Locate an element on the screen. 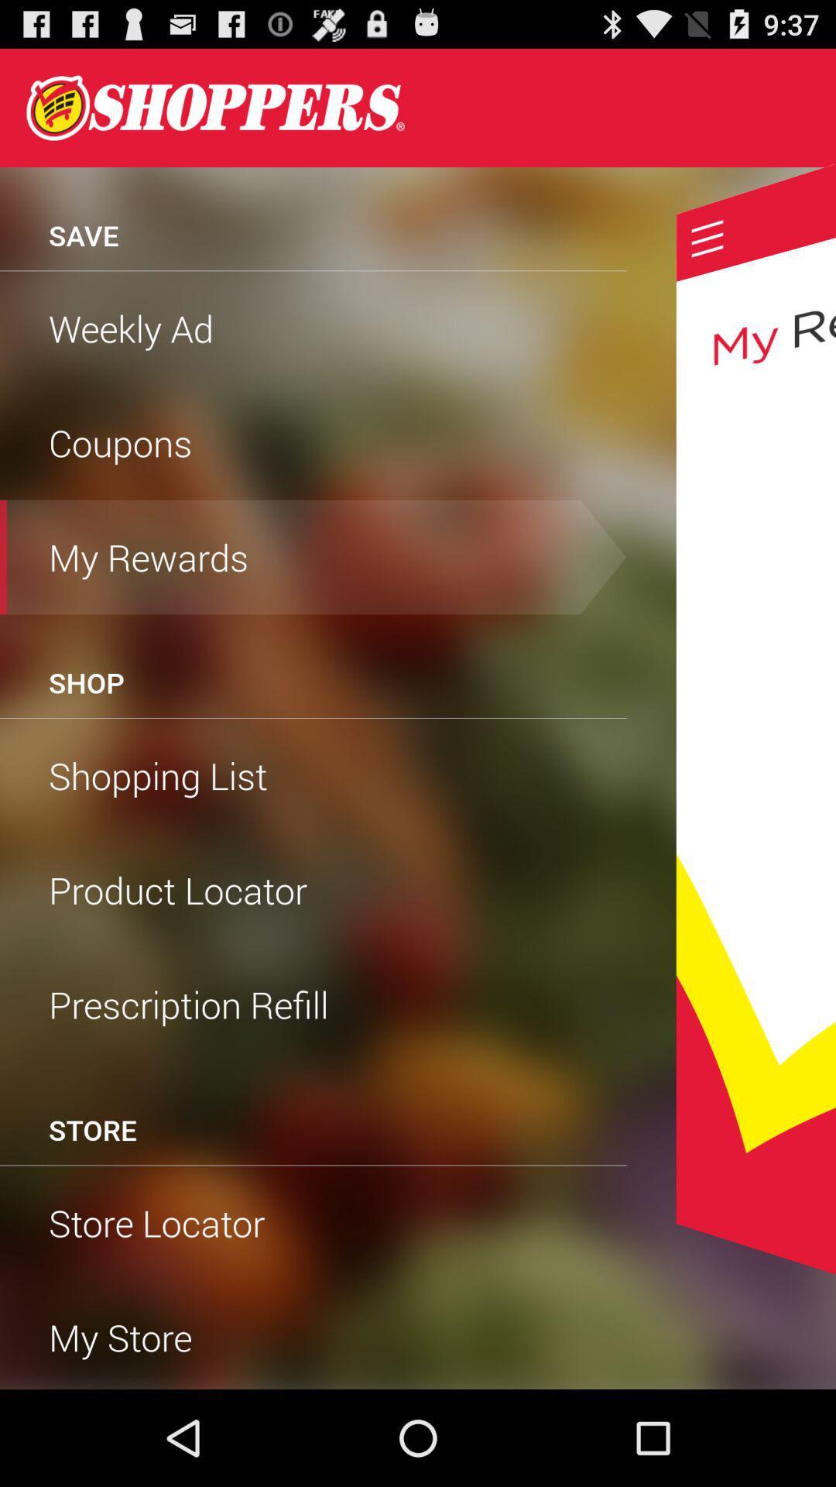 The height and width of the screenshot is (1487, 836). advertisement page is located at coordinates (215, 107).